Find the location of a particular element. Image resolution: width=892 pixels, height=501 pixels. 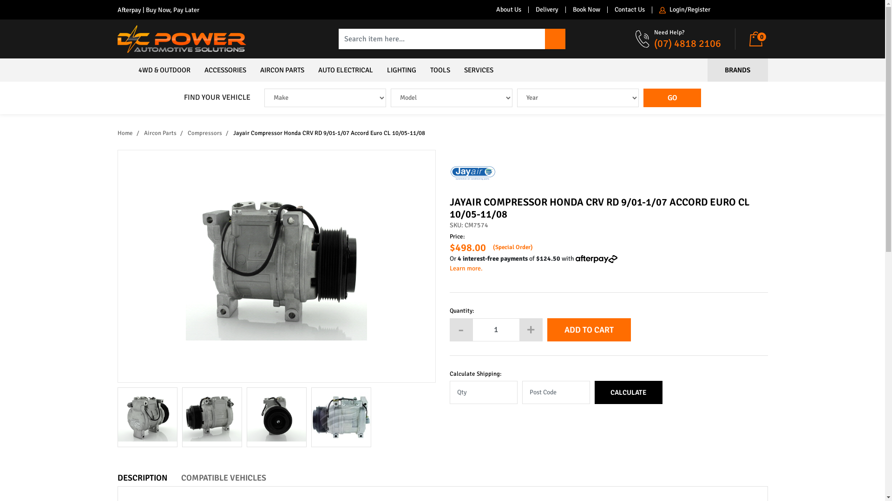

'AIRCON PARTS' is located at coordinates (281, 69).